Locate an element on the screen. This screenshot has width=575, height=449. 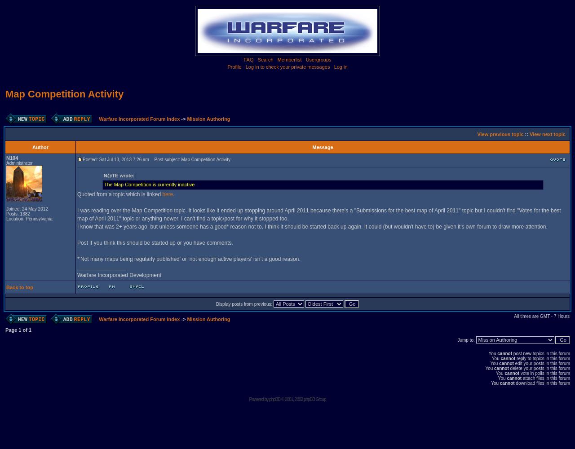
'I know that was 2+ years ago, but unless someone has a good* reason not to, I think it should be started back up again. It could (but wouldn't have to) be given it's own forum to draw more attention.' is located at coordinates (312, 227).